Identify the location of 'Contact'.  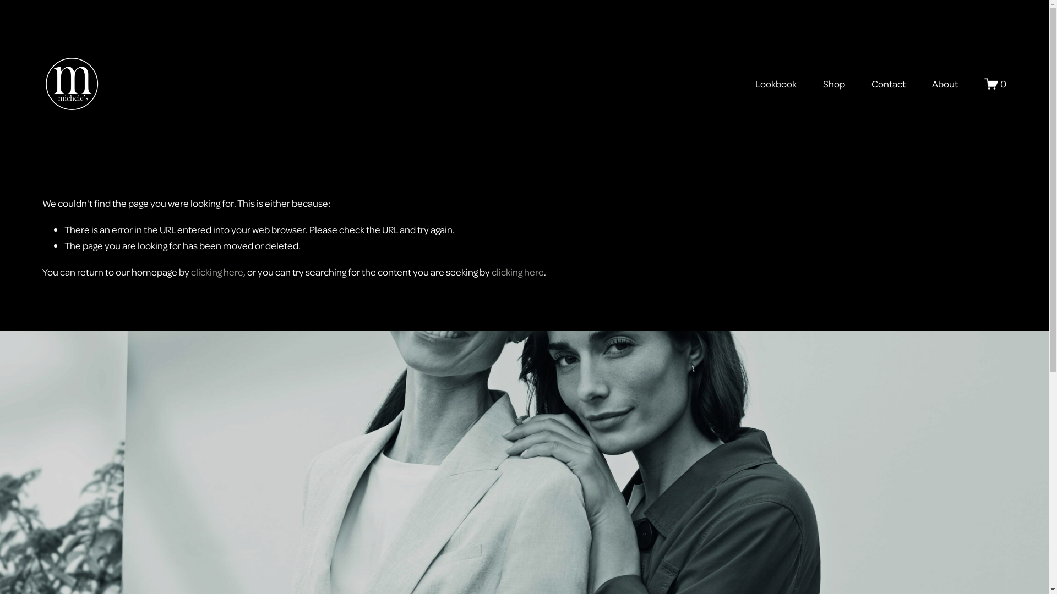
(871, 83).